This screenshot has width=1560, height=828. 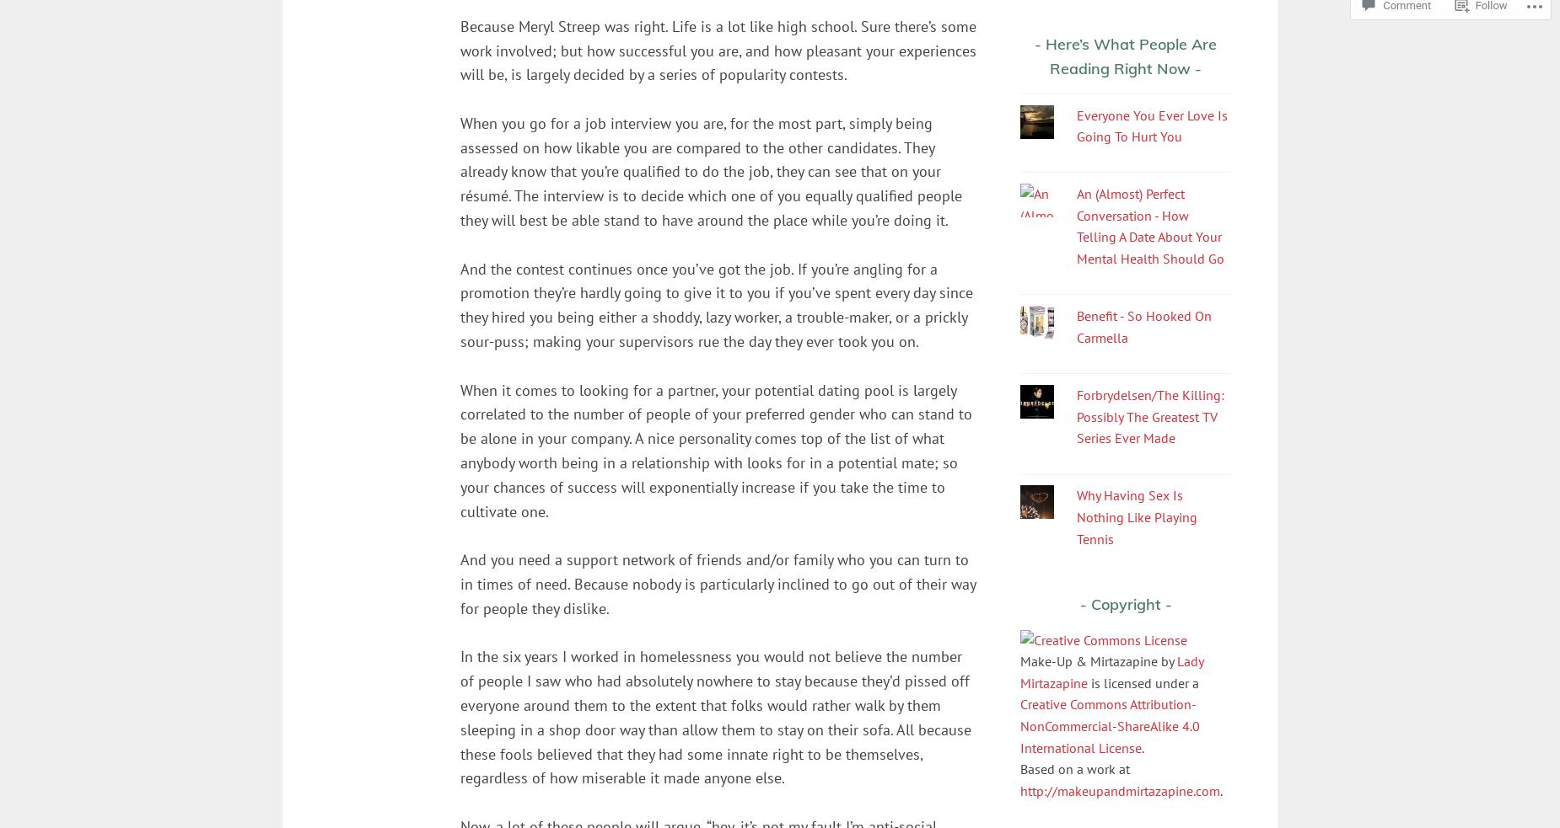 I want to click on 'Forbrydelsen/The Killing: Possibly The Greatest TV Series Ever Made', so click(x=1148, y=416).